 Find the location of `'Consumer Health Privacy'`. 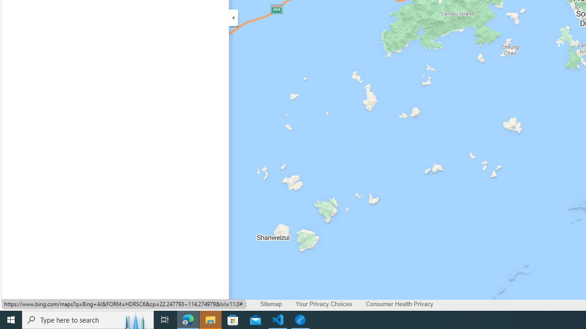

'Consumer Health Privacy' is located at coordinates (399, 304).